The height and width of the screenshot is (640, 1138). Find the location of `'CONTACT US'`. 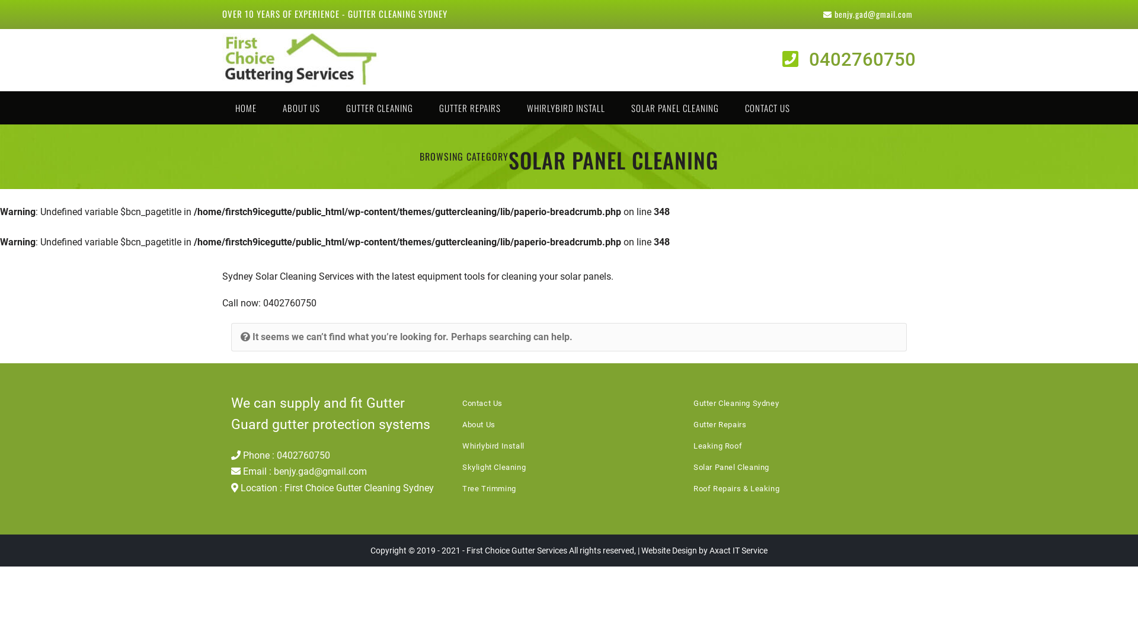

'CONTACT US' is located at coordinates (768, 107).